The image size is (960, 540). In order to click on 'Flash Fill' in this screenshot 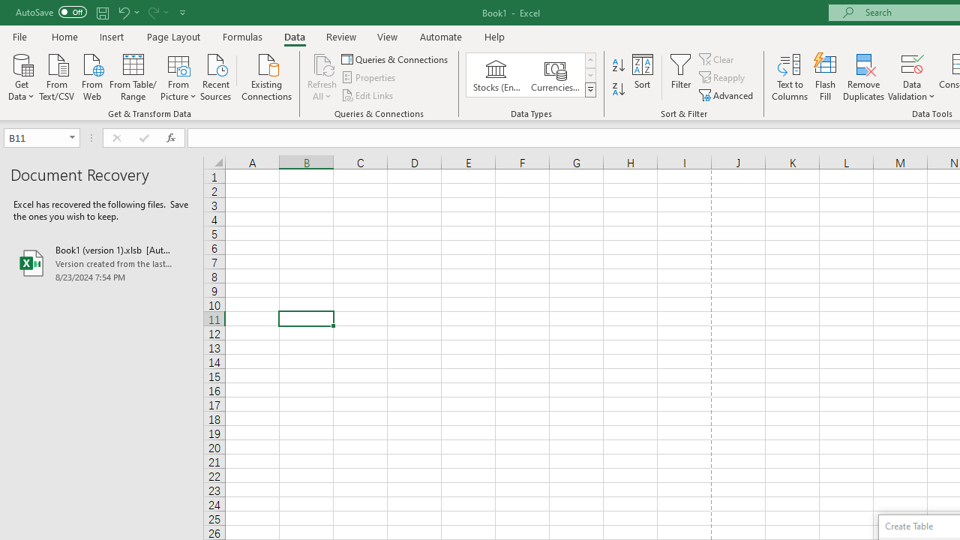, I will do `click(825, 77)`.